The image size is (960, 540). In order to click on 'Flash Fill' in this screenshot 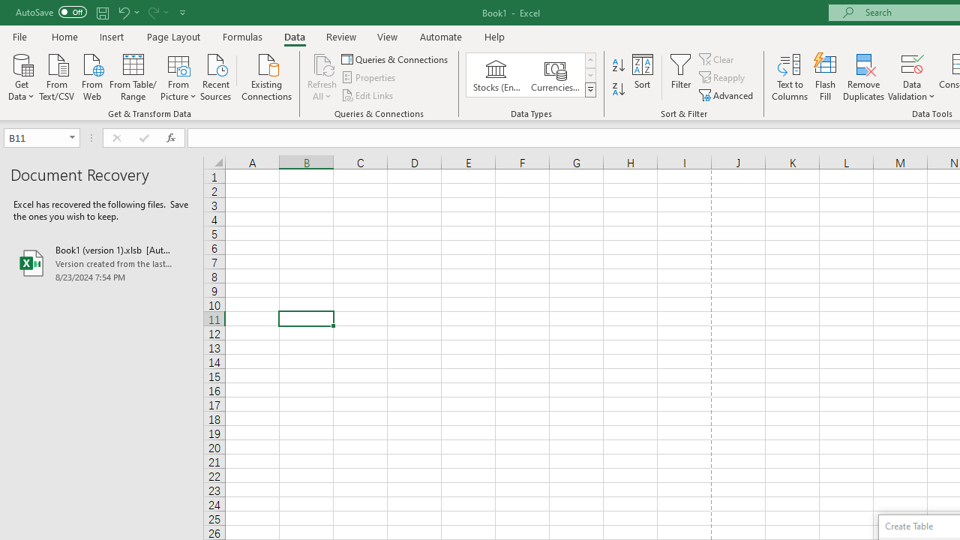, I will do `click(825, 77)`.